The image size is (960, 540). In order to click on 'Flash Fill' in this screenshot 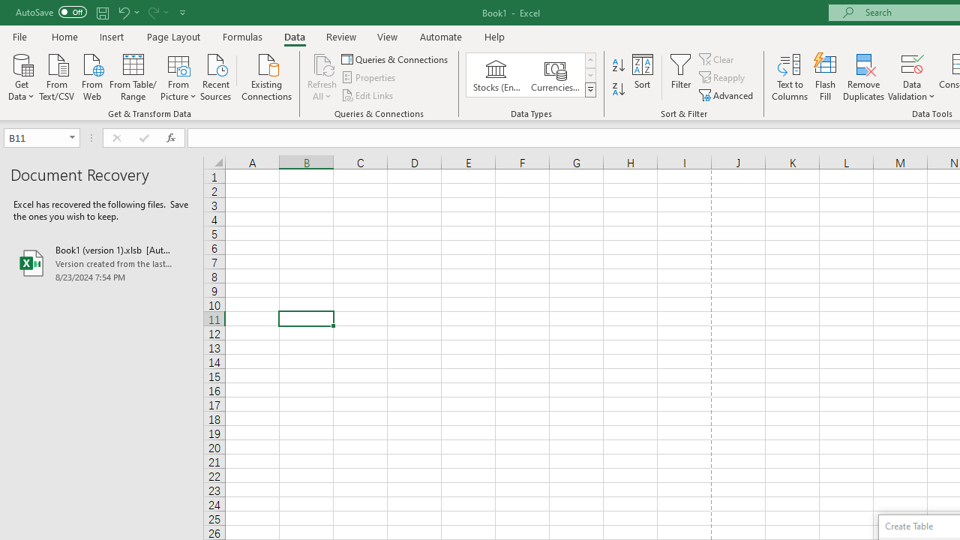, I will do `click(825, 77)`.